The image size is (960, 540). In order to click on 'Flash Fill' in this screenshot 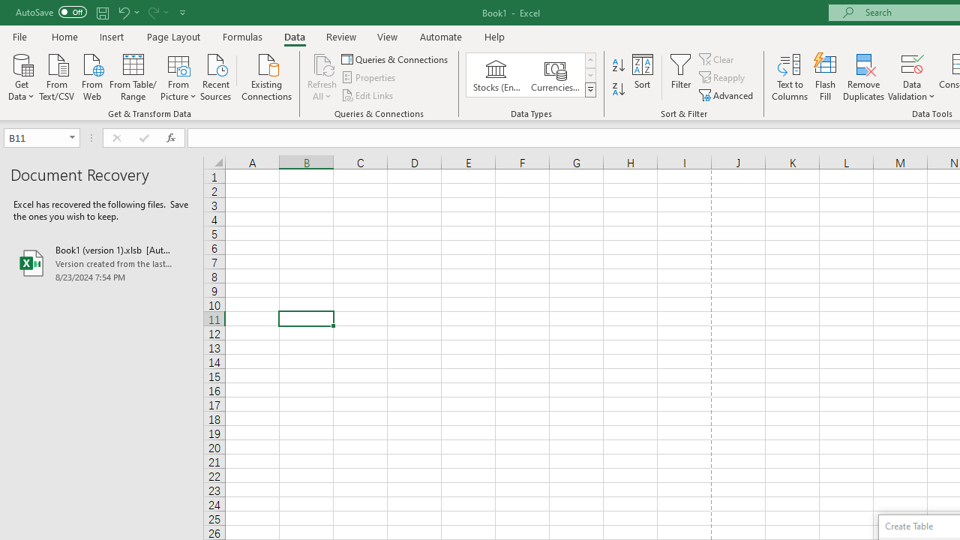, I will do `click(825, 77)`.